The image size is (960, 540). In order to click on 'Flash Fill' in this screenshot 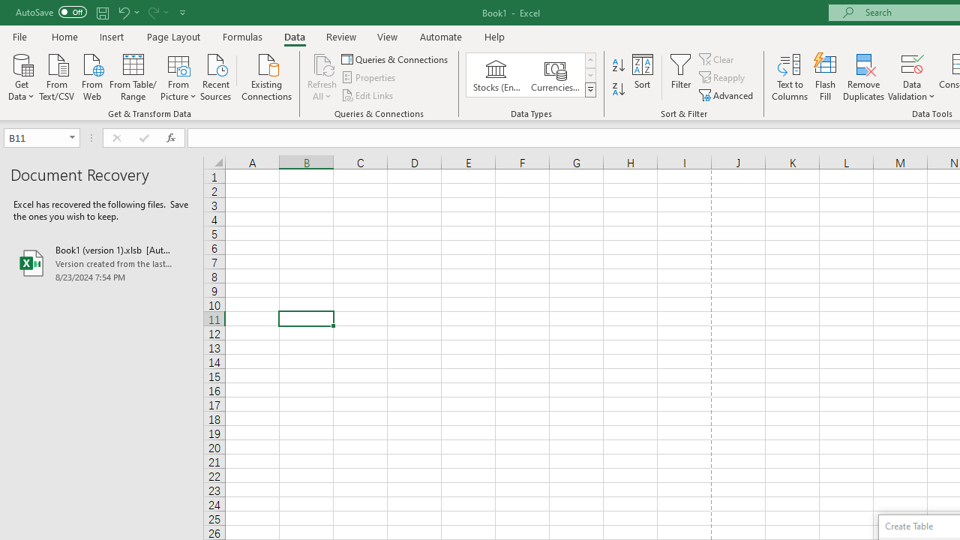, I will do `click(825, 77)`.